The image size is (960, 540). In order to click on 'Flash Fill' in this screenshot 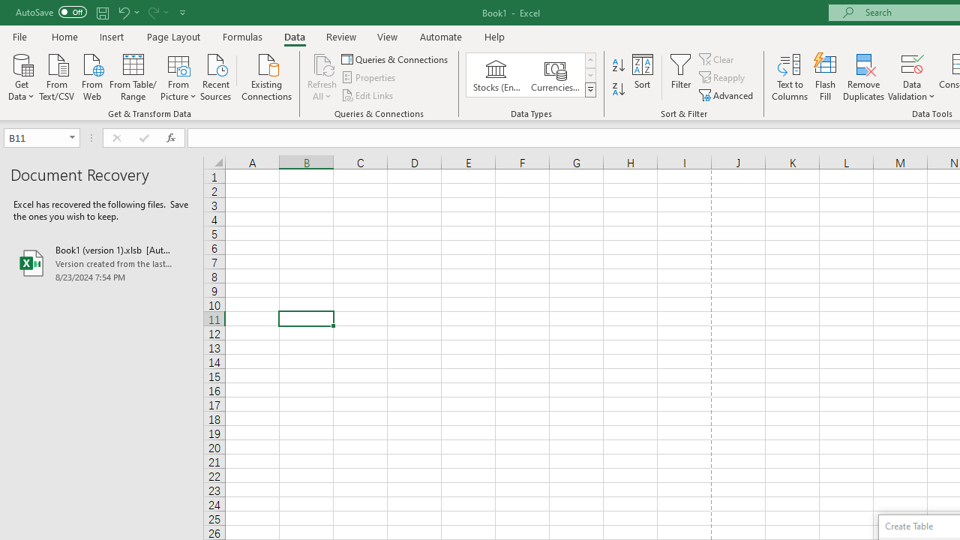, I will do `click(825, 77)`.